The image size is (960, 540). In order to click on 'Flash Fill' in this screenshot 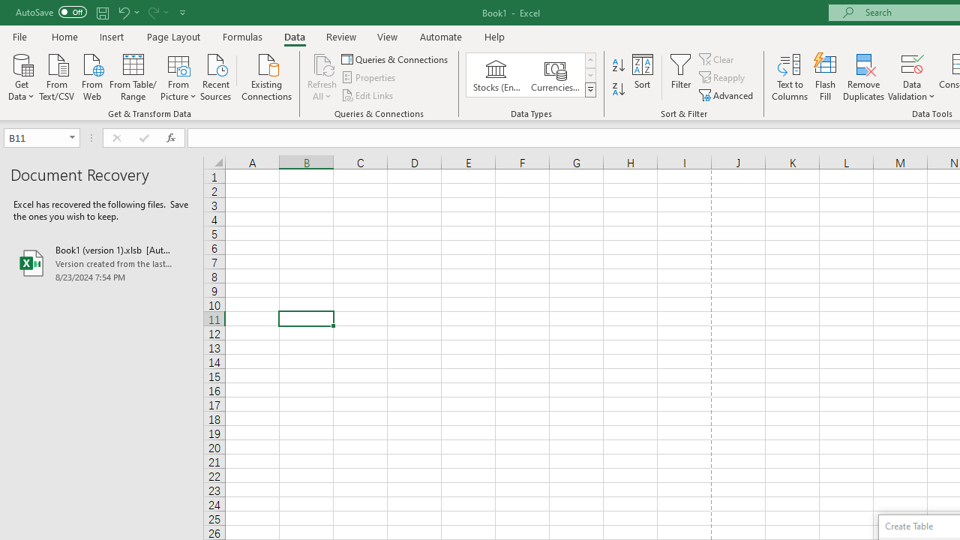, I will do `click(825, 77)`.